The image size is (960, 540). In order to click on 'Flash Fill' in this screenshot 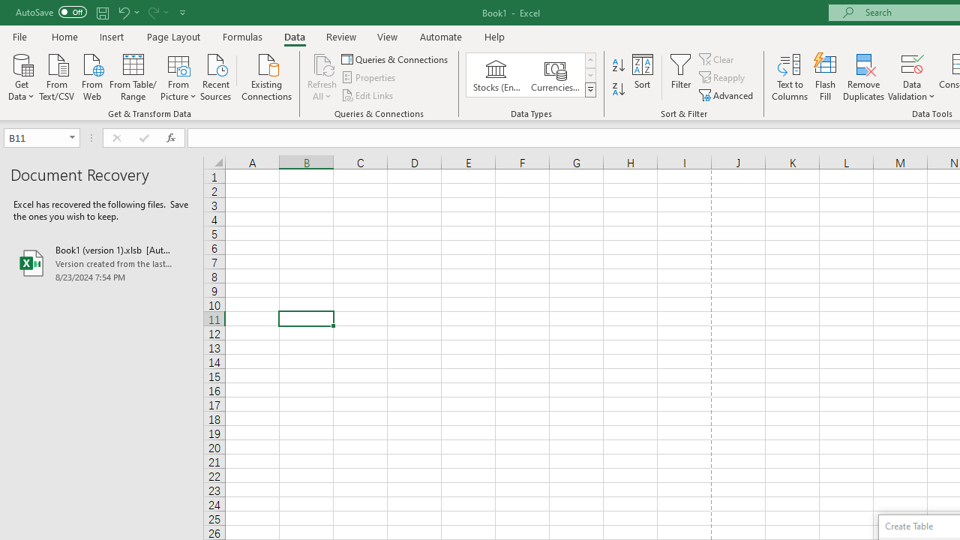, I will do `click(825, 77)`.